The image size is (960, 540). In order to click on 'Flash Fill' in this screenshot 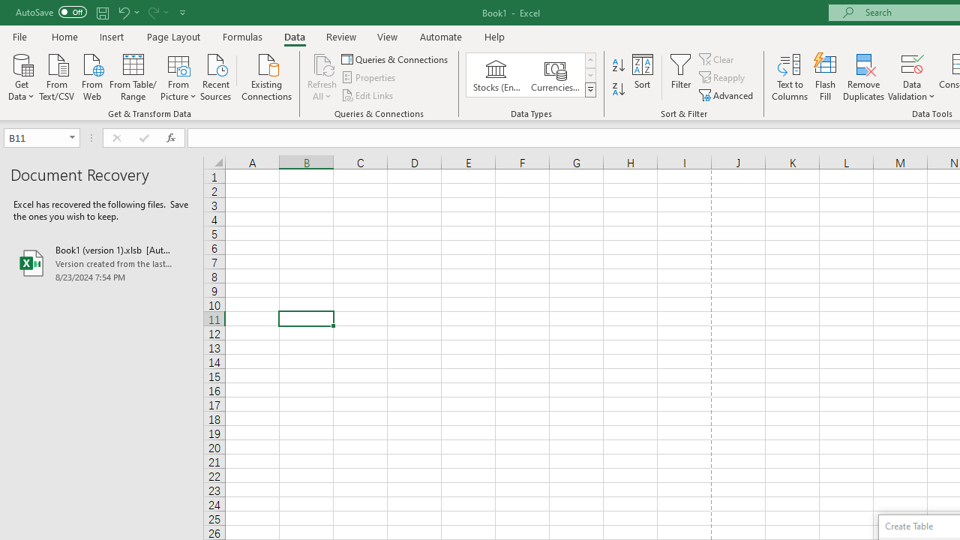, I will do `click(825, 77)`.